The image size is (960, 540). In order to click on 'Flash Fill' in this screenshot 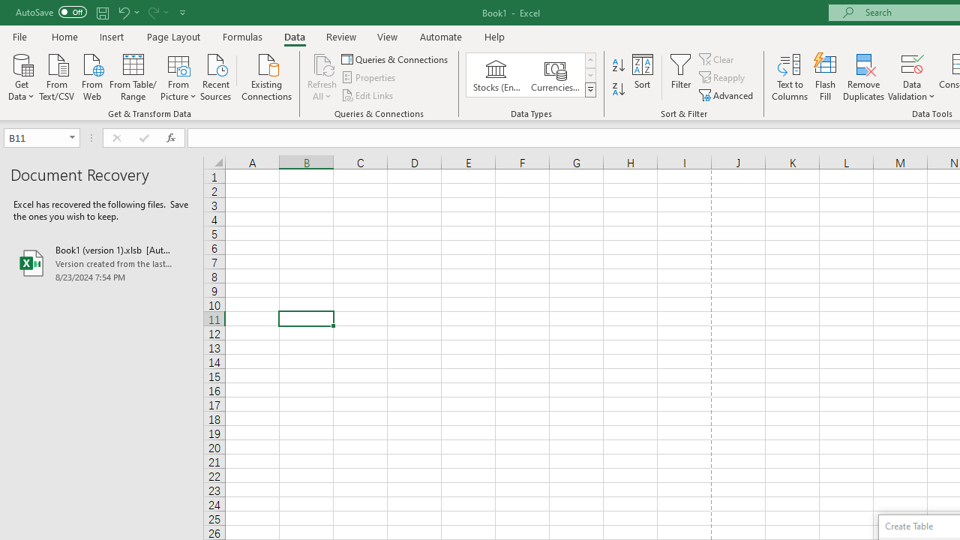, I will do `click(825, 77)`.